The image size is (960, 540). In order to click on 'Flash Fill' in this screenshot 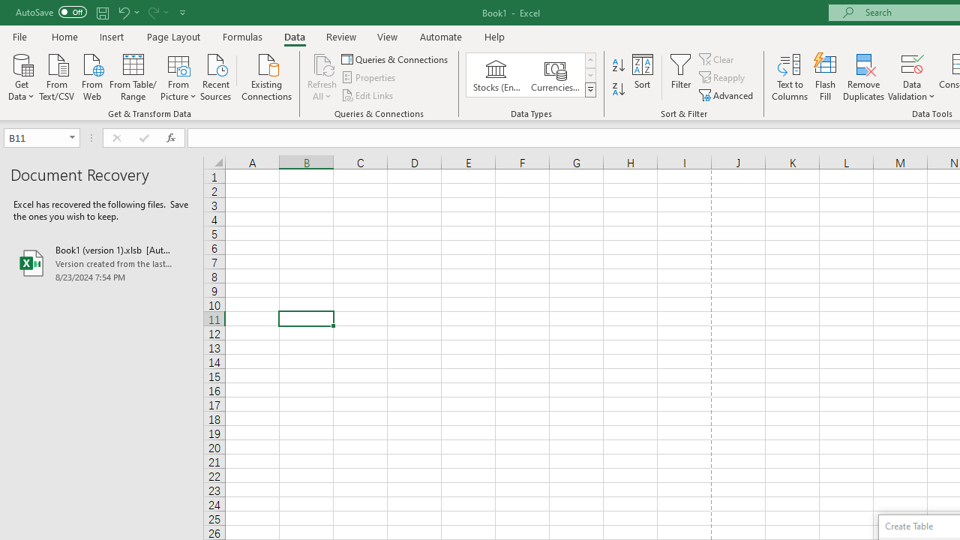, I will do `click(825, 77)`.